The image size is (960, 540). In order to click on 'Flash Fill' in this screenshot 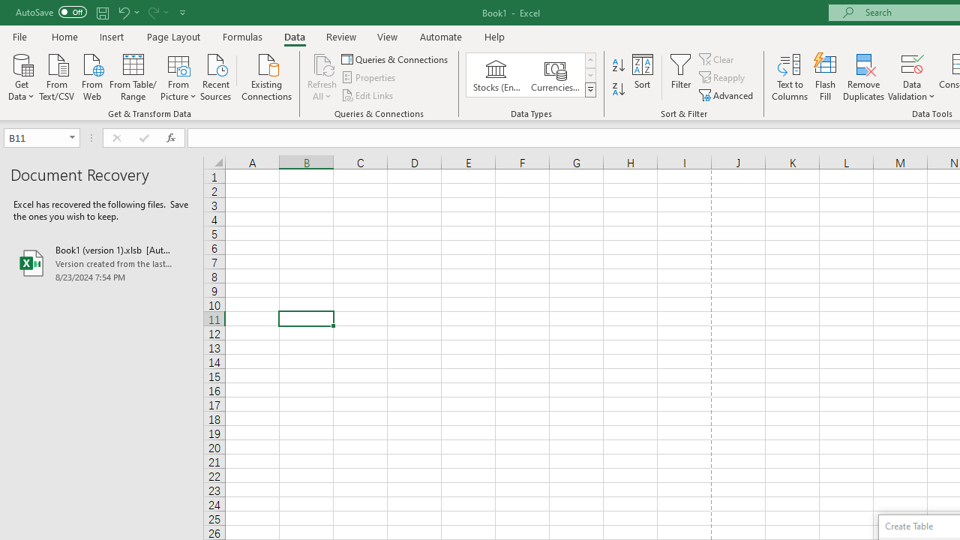, I will do `click(825, 77)`.